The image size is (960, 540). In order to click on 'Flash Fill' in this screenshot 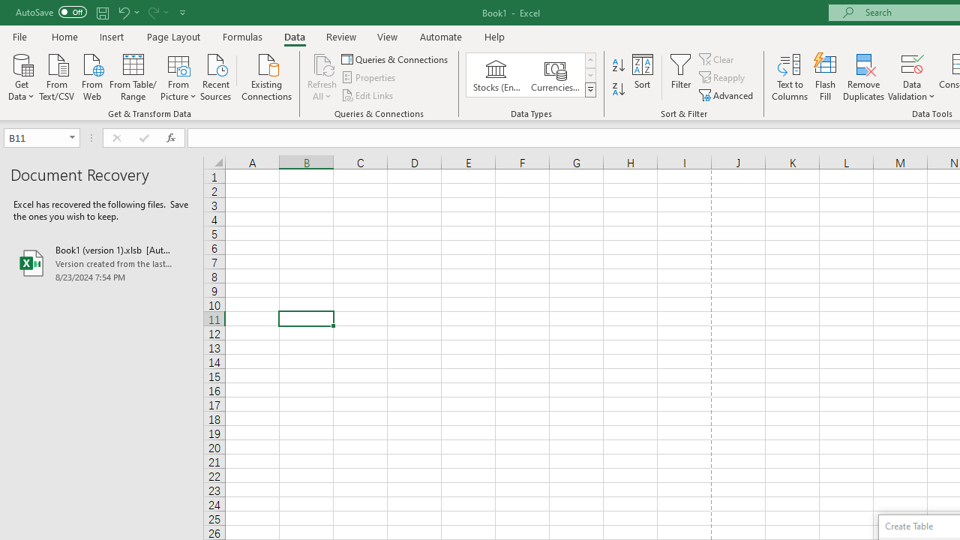, I will do `click(825, 77)`.